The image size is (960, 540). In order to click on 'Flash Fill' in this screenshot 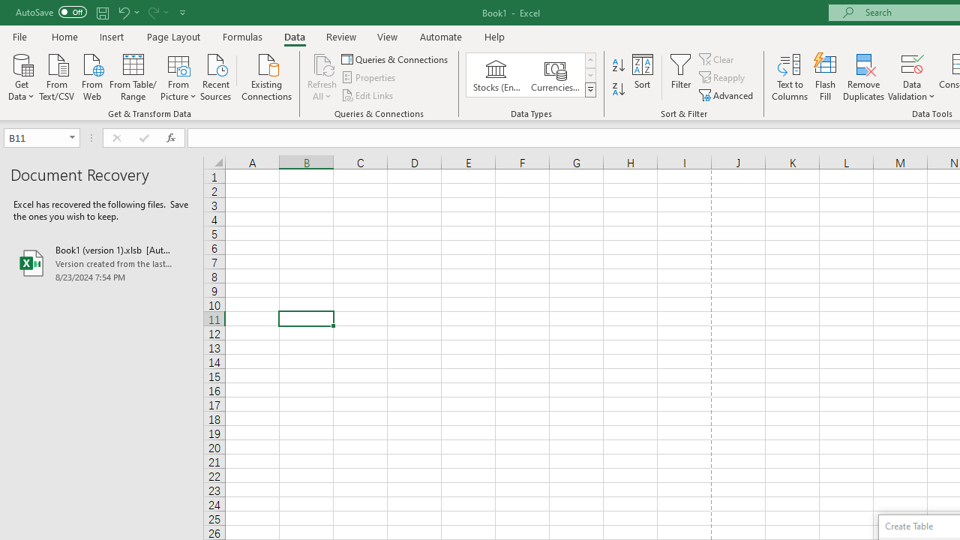, I will do `click(825, 77)`.